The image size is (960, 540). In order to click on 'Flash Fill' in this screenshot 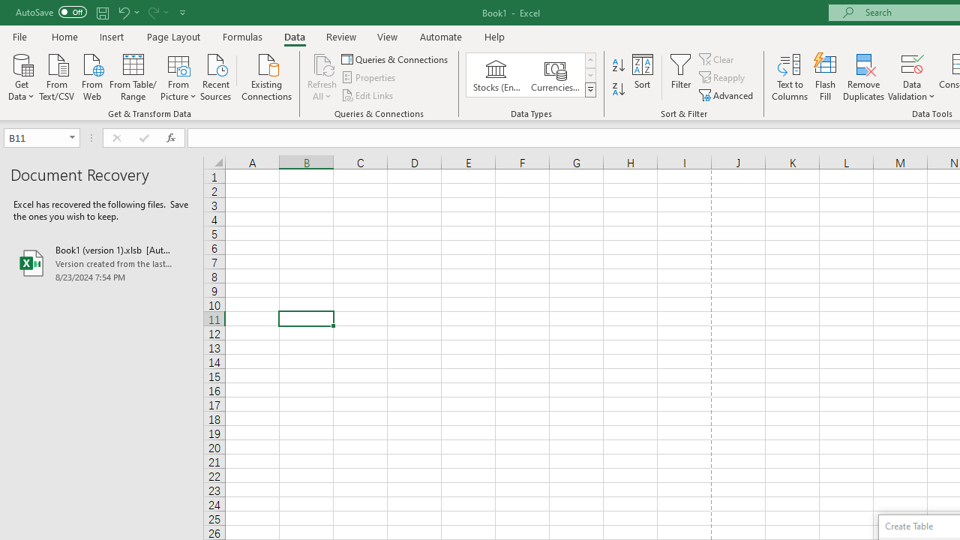, I will do `click(825, 77)`.